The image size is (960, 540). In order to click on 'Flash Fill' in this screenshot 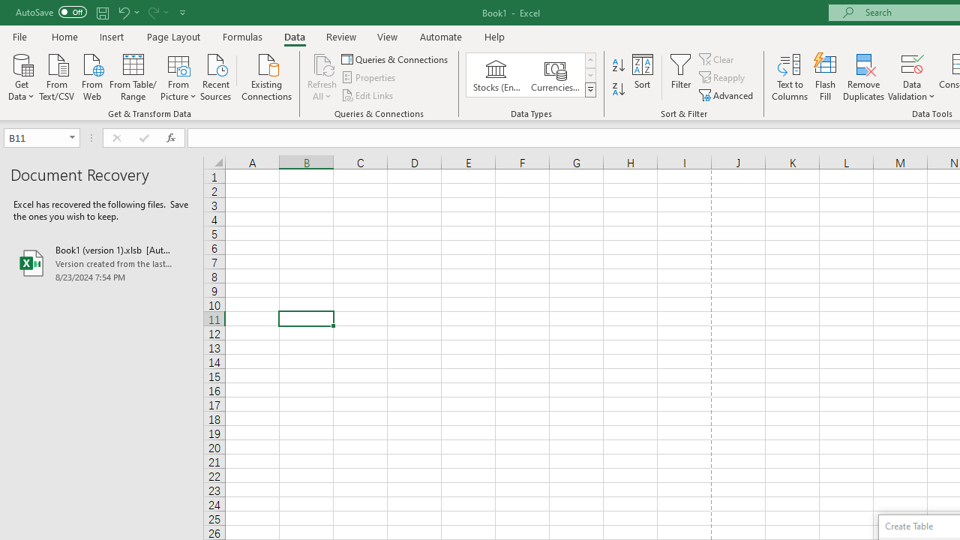, I will do `click(825, 77)`.